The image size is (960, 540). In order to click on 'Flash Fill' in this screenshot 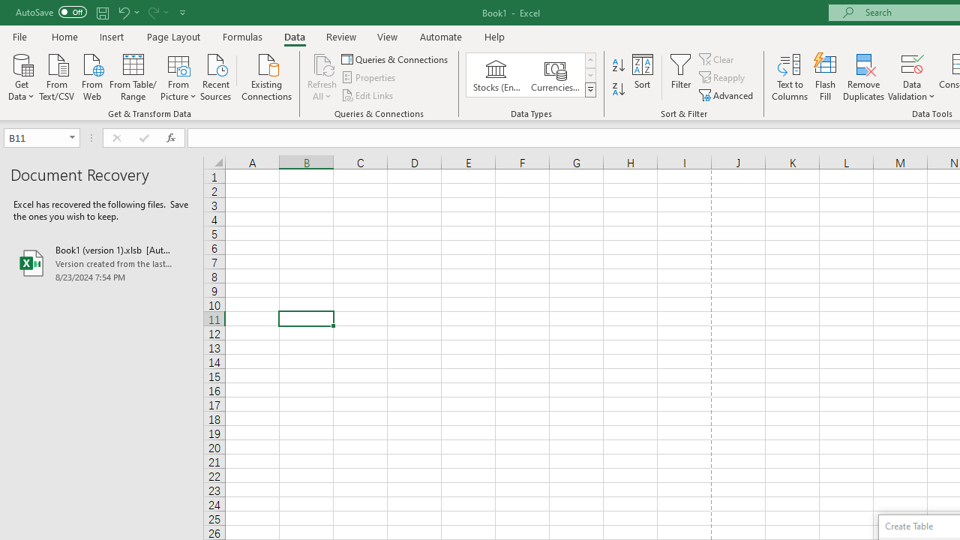, I will do `click(825, 77)`.